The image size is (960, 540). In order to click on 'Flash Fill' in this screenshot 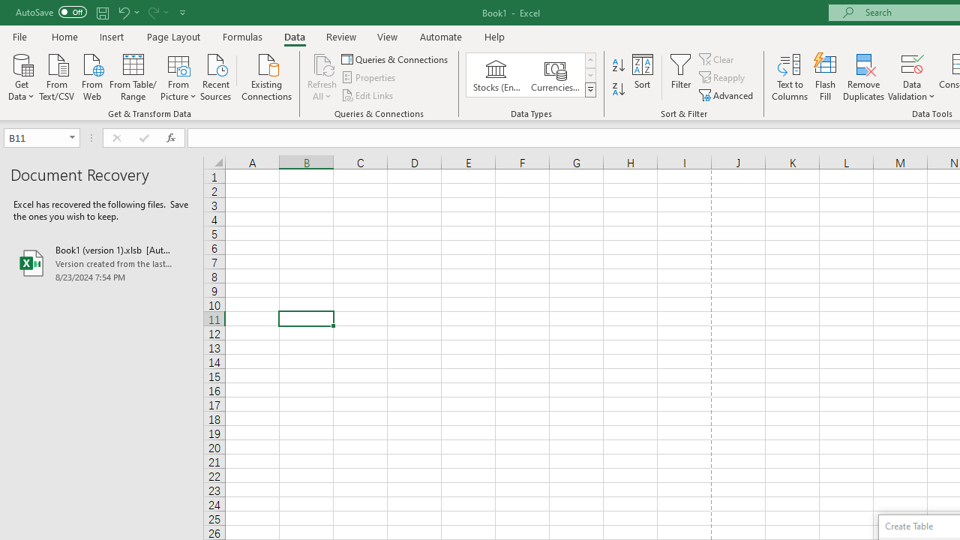, I will do `click(825, 77)`.